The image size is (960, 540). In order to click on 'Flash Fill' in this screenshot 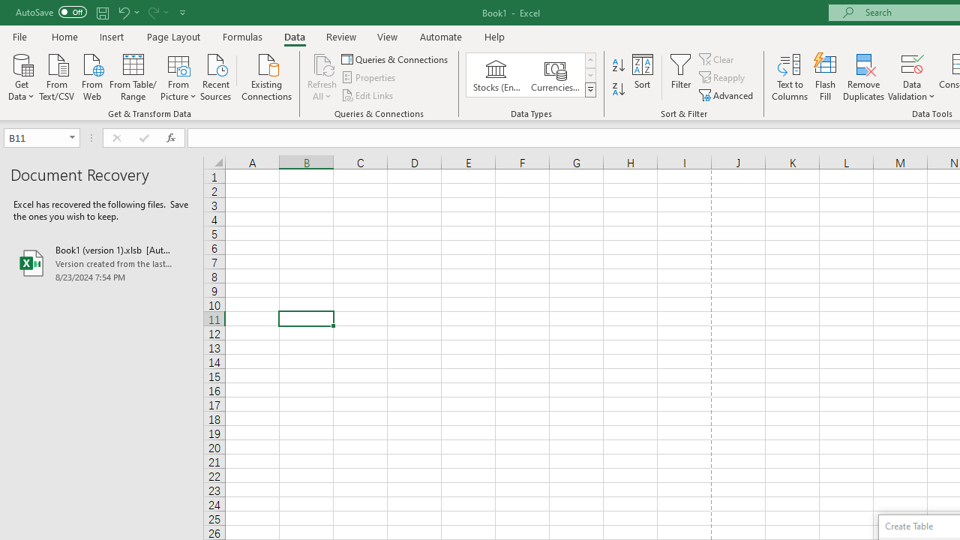, I will do `click(825, 77)`.